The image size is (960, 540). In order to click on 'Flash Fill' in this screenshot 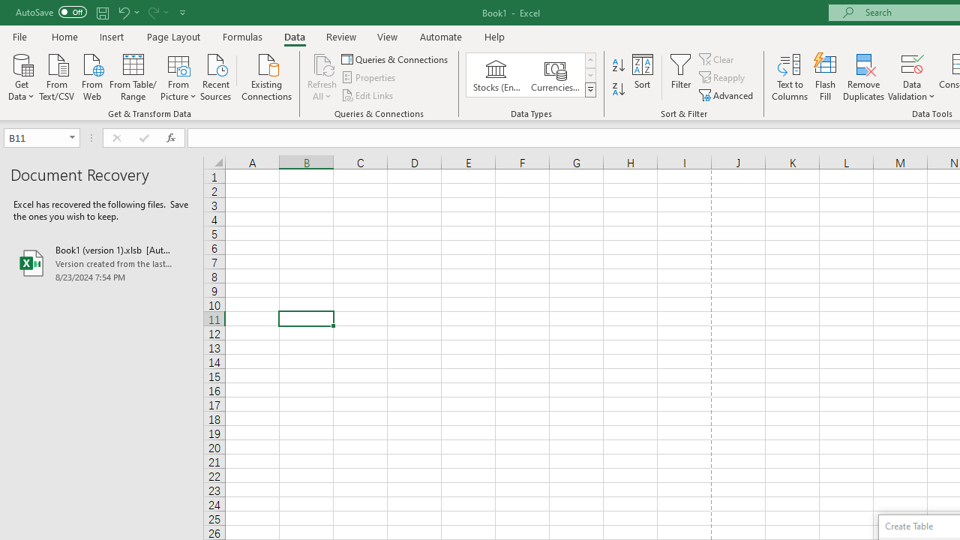, I will do `click(825, 77)`.